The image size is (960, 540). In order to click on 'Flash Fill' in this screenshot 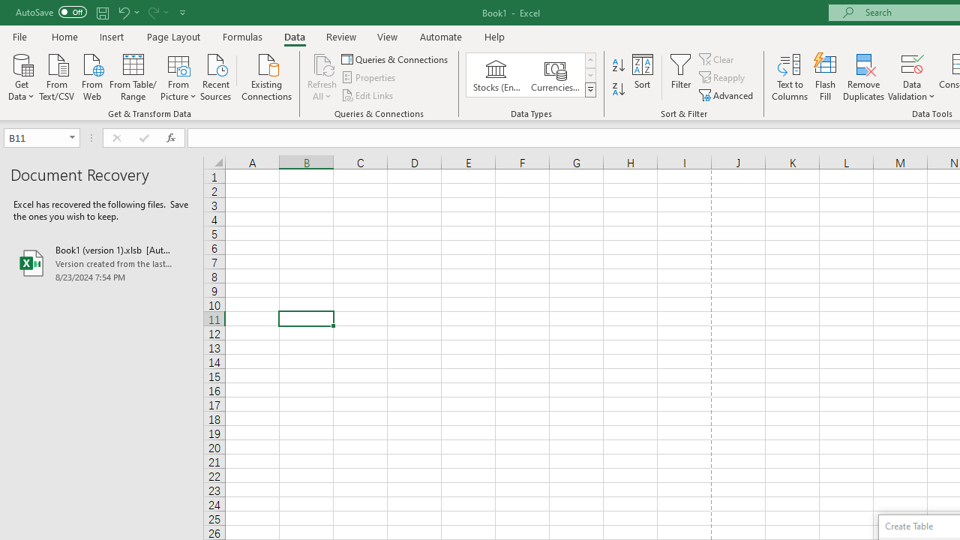, I will do `click(825, 77)`.